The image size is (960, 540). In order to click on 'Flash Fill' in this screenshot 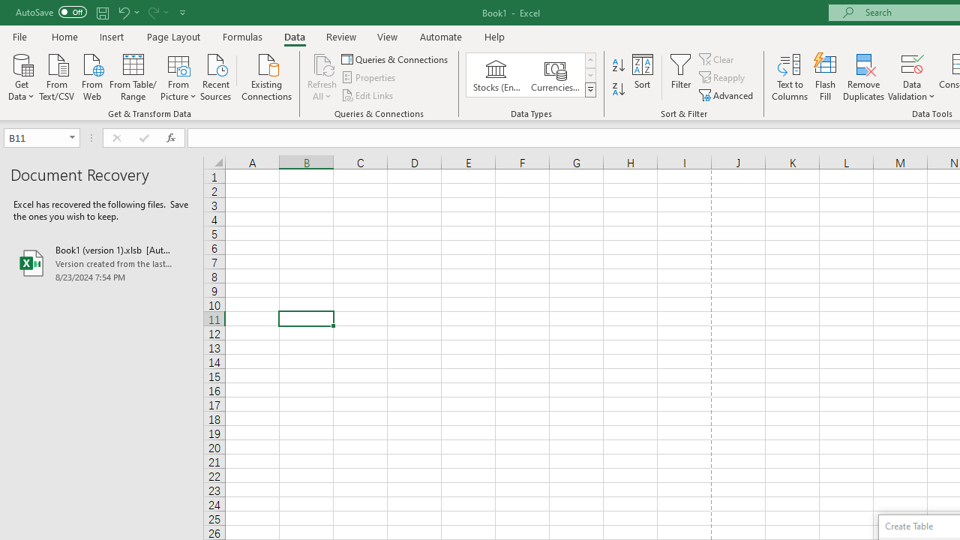, I will do `click(825, 77)`.